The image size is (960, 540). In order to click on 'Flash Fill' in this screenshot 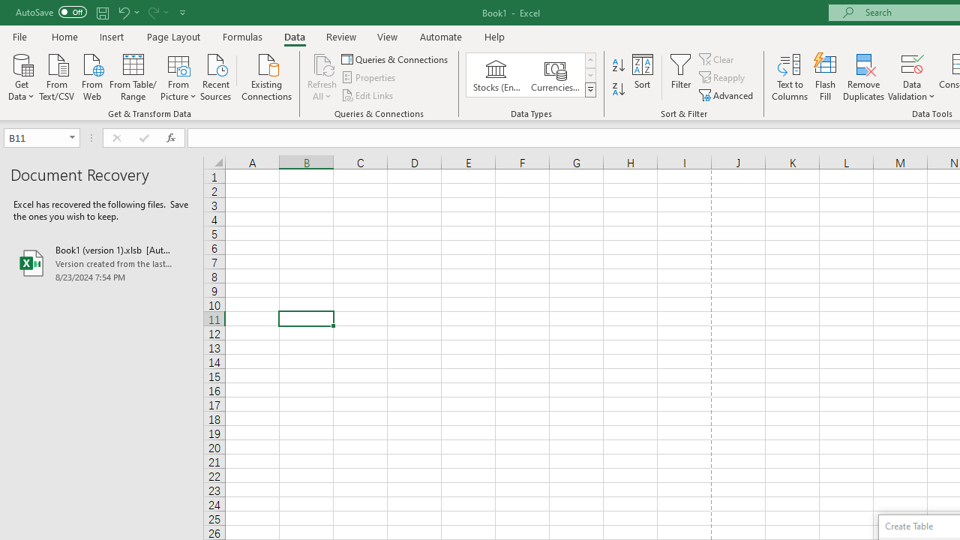, I will do `click(825, 77)`.